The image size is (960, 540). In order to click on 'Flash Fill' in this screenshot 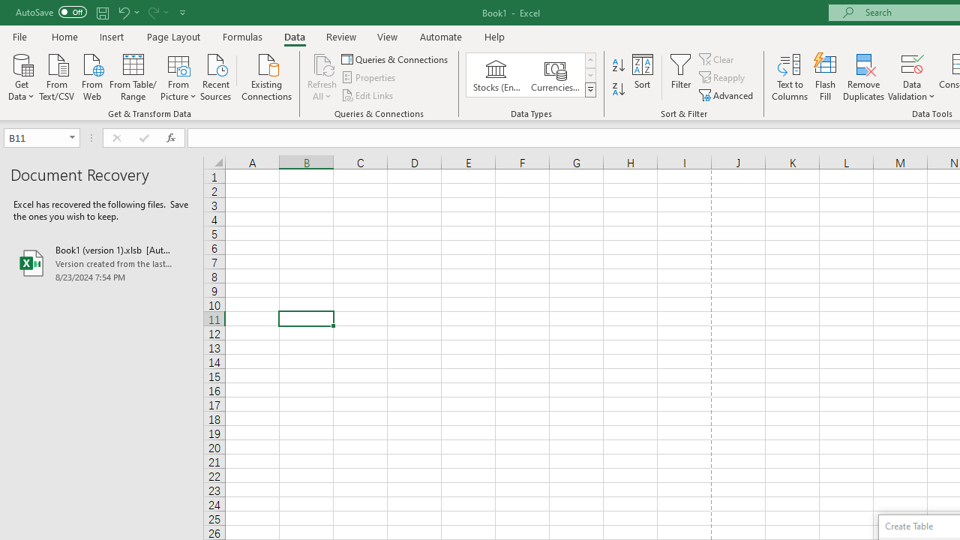, I will do `click(825, 77)`.